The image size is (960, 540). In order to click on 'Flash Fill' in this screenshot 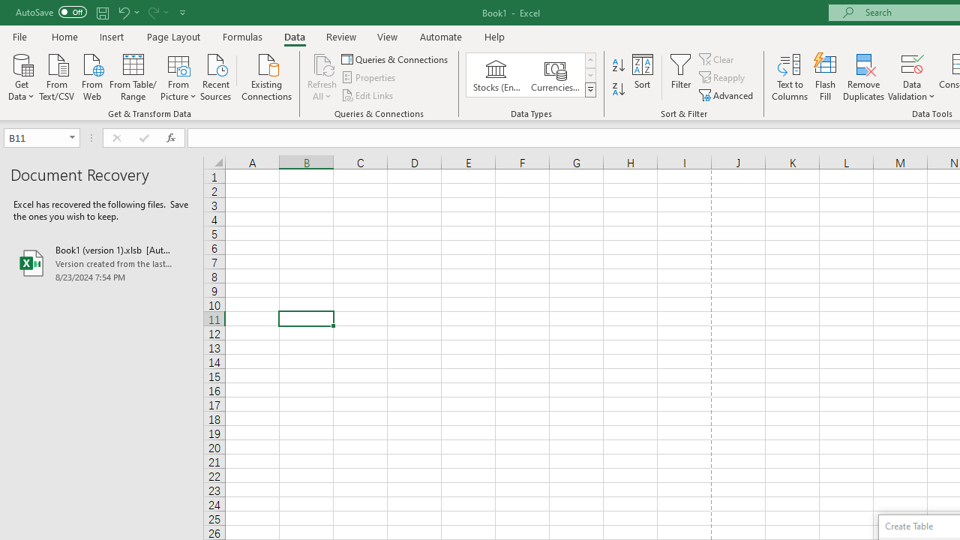, I will do `click(825, 77)`.